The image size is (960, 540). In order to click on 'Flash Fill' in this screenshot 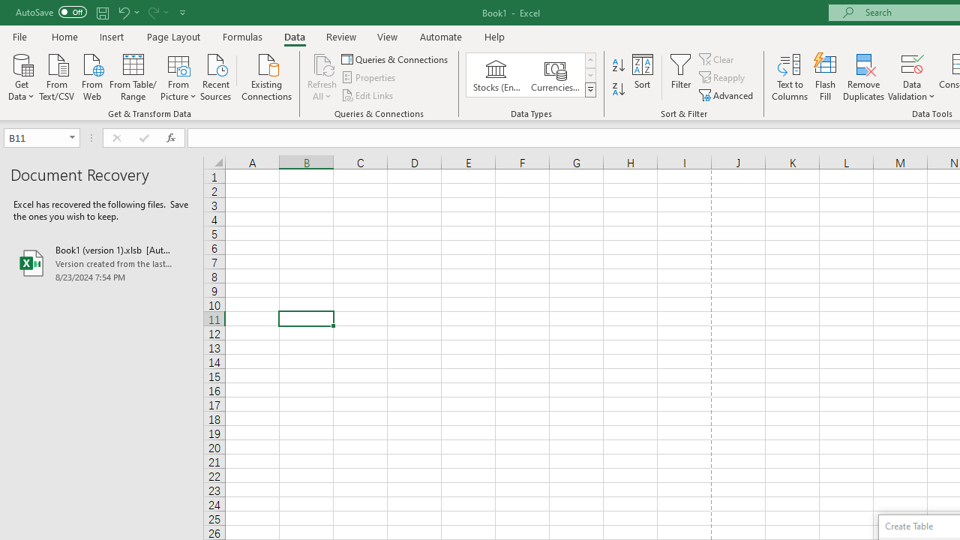, I will do `click(825, 77)`.